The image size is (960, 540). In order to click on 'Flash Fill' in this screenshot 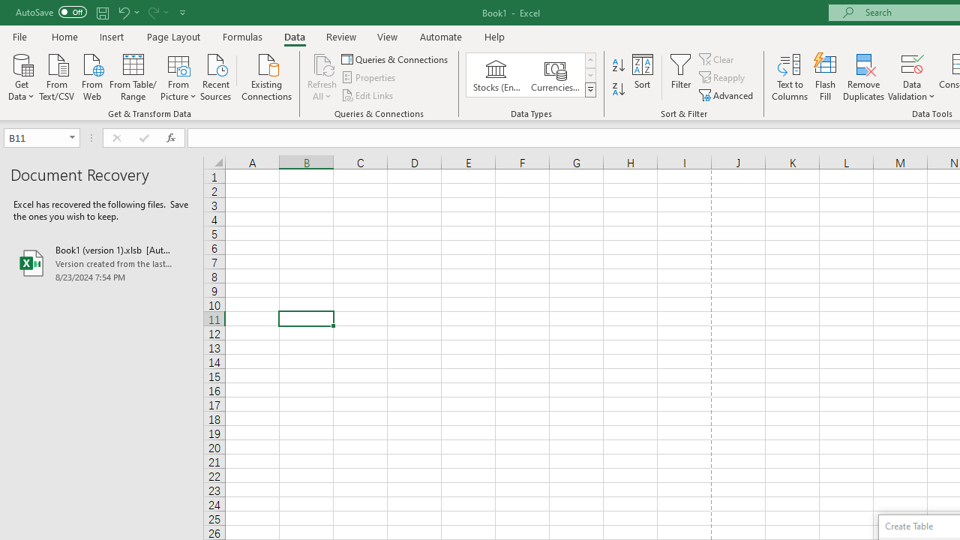, I will do `click(825, 77)`.